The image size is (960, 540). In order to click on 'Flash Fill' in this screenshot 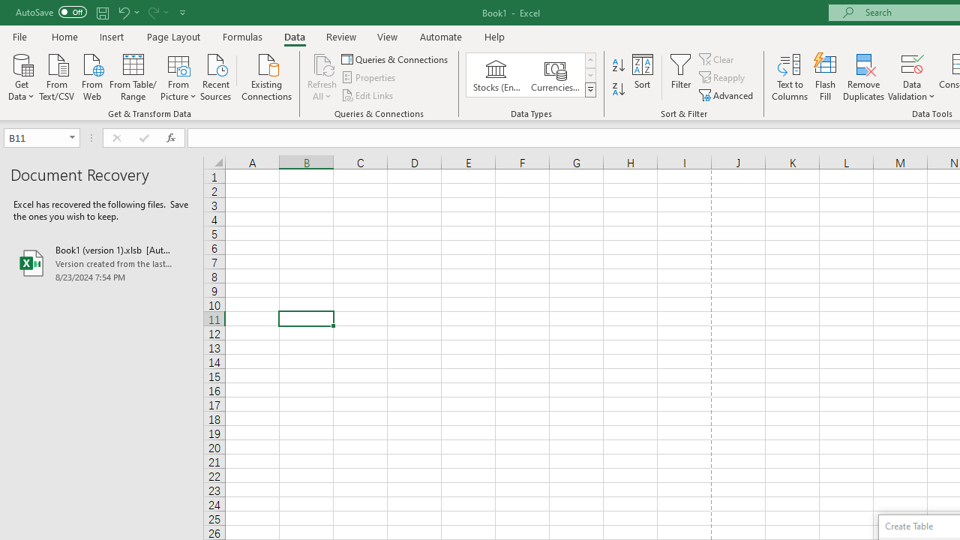, I will do `click(825, 77)`.